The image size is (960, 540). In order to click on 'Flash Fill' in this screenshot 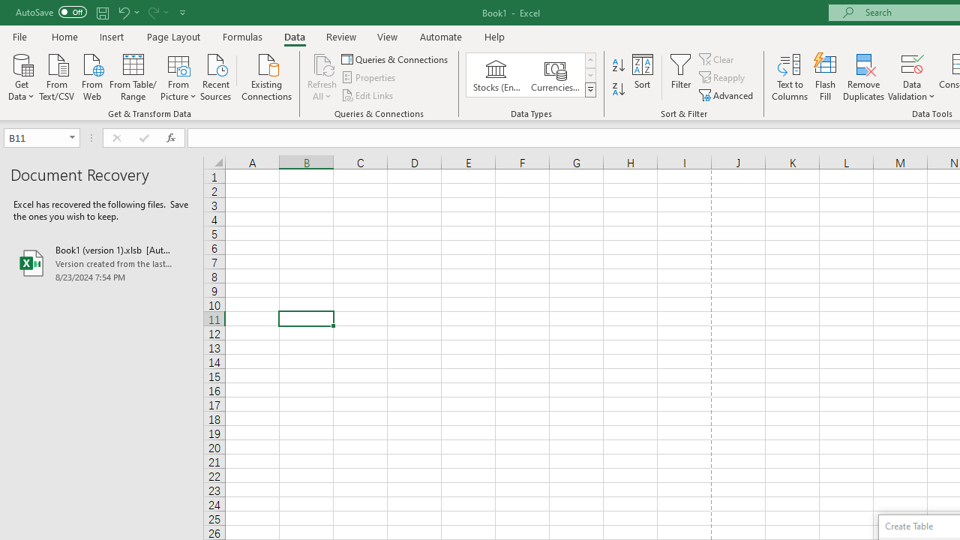, I will do `click(825, 77)`.